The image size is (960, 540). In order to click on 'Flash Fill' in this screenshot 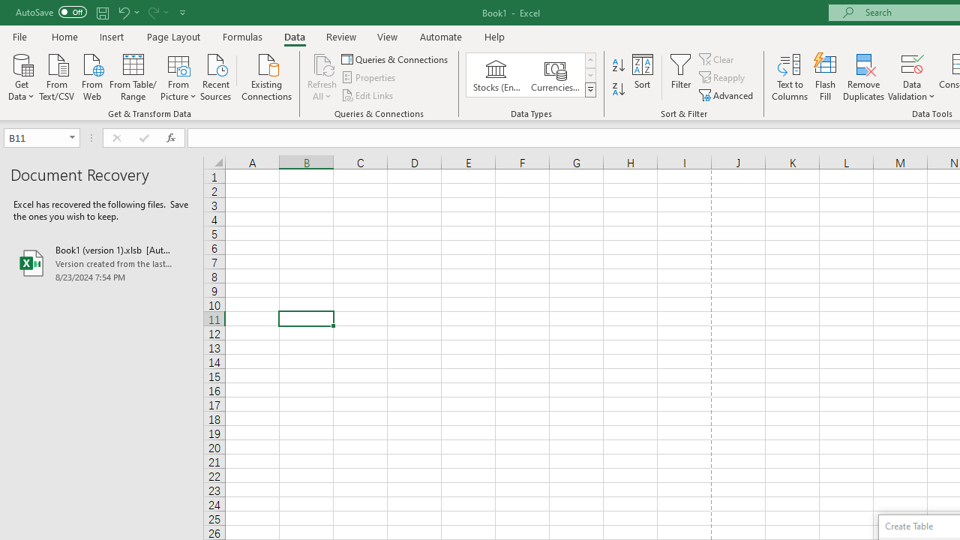, I will do `click(825, 77)`.